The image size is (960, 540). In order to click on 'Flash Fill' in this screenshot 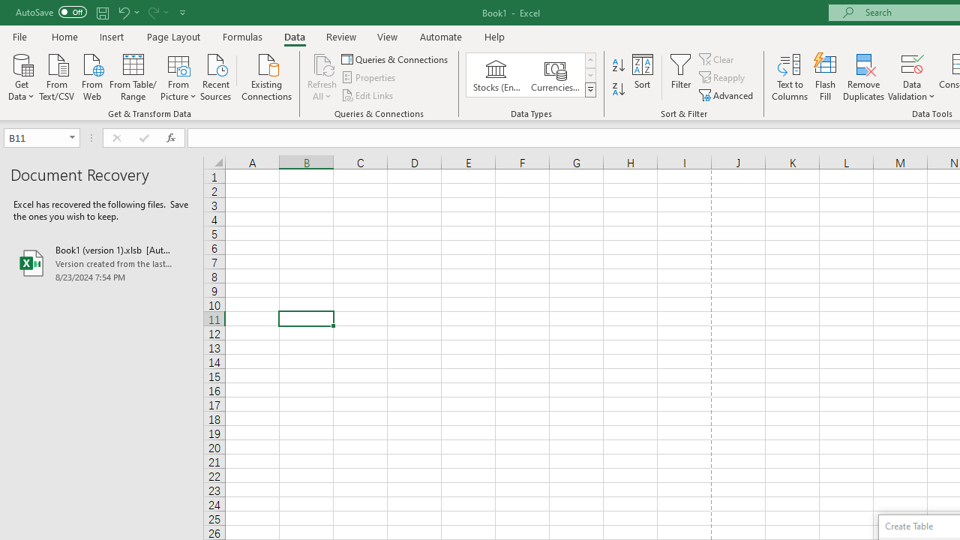, I will do `click(825, 77)`.